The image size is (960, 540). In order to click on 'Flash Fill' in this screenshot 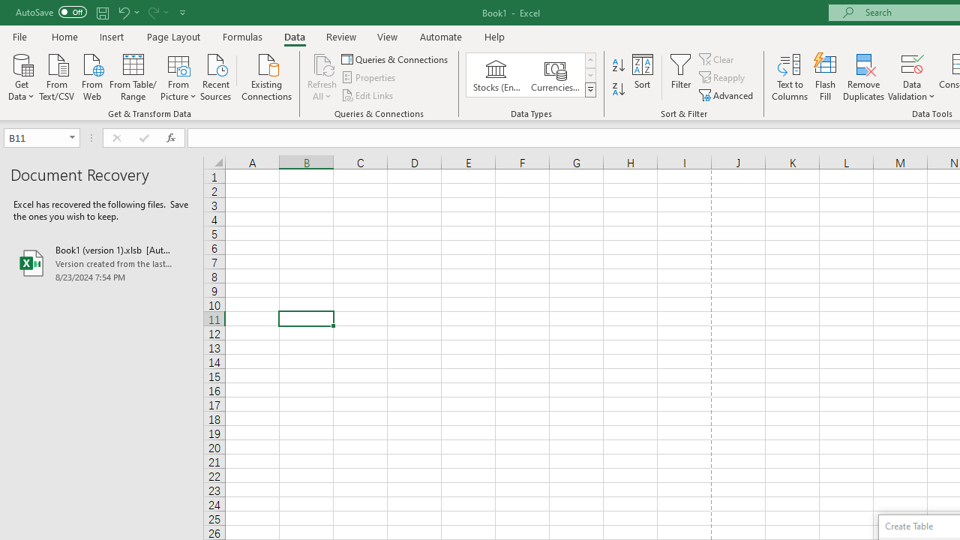, I will do `click(825, 77)`.